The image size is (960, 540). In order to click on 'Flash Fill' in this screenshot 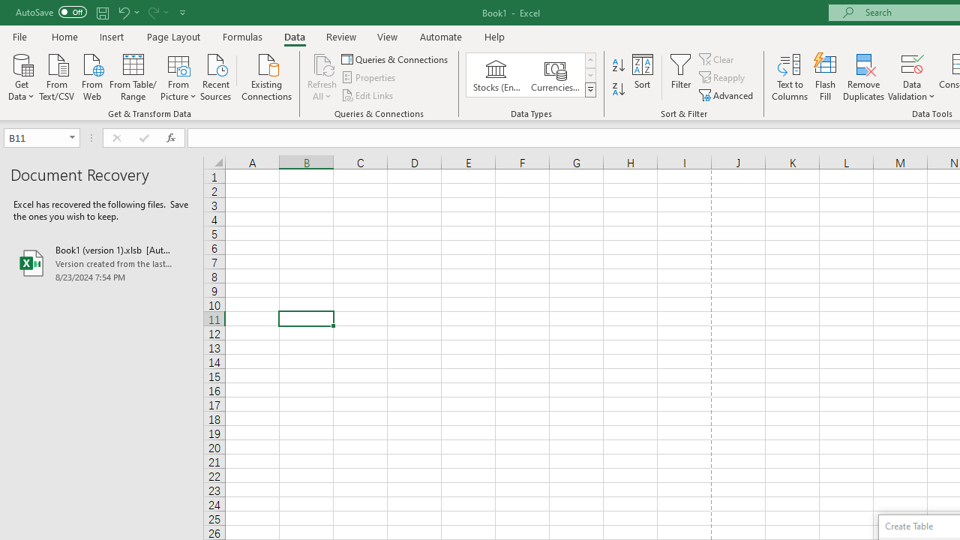, I will do `click(825, 77)`.